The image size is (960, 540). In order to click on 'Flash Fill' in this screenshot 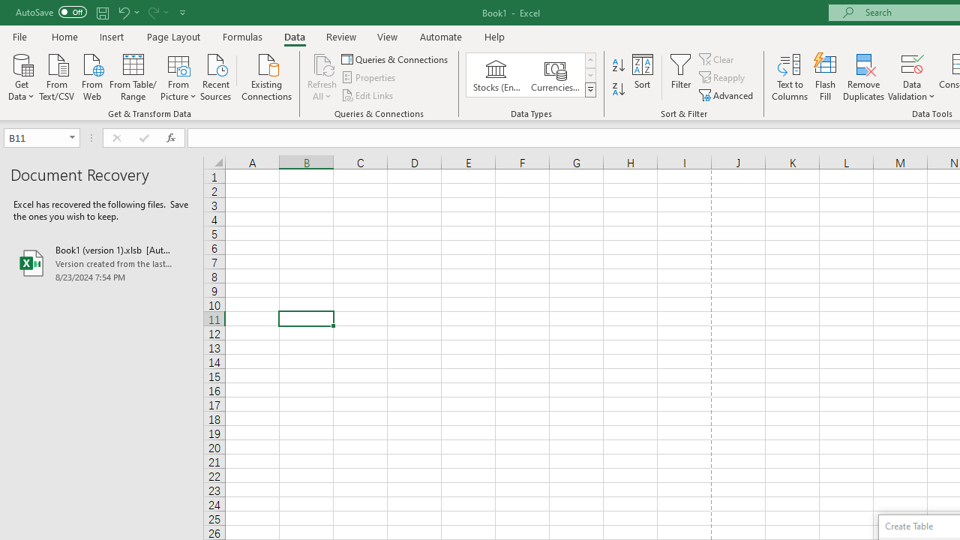, I will do `click(825, 77)`.